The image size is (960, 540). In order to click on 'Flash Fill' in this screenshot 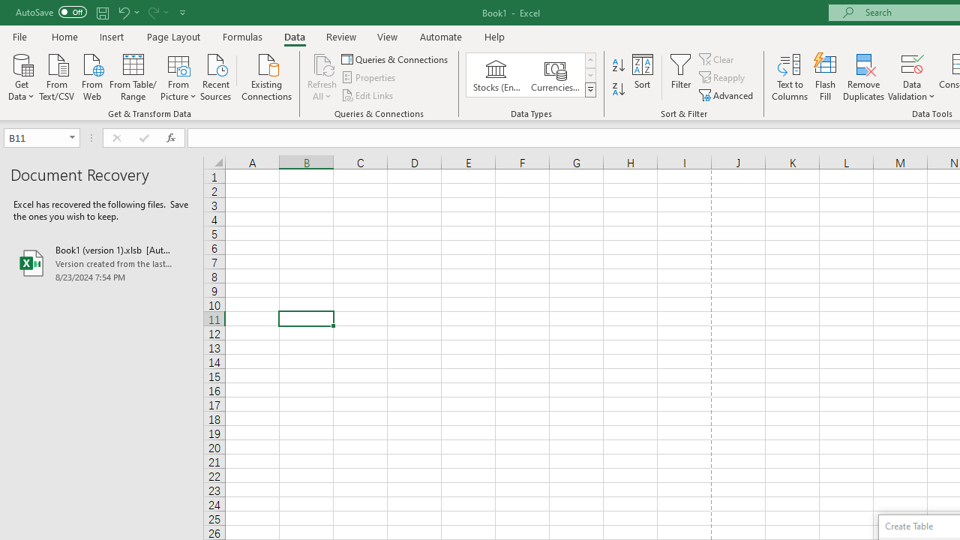, I will do `click(825, 77)`.